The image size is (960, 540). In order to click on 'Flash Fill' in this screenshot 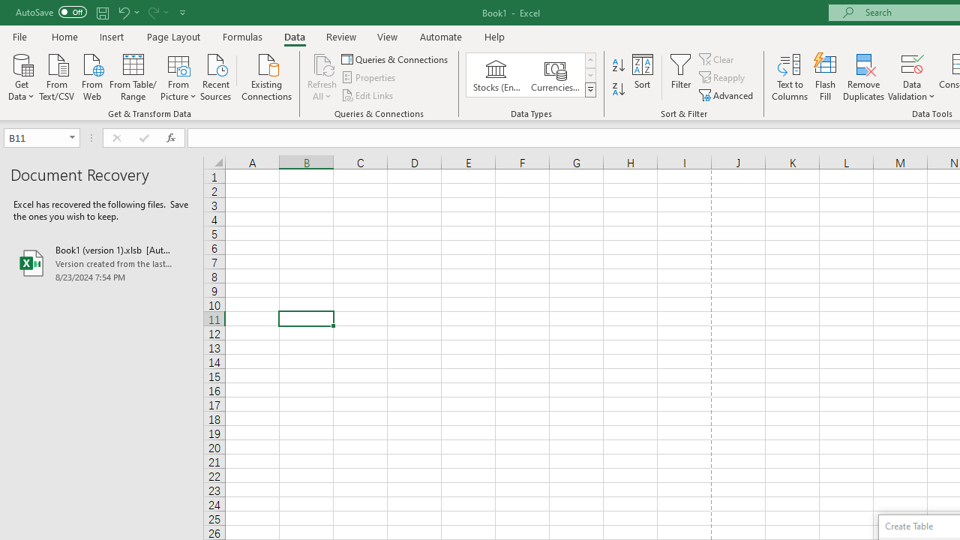, I will do `click(825, 77)`.